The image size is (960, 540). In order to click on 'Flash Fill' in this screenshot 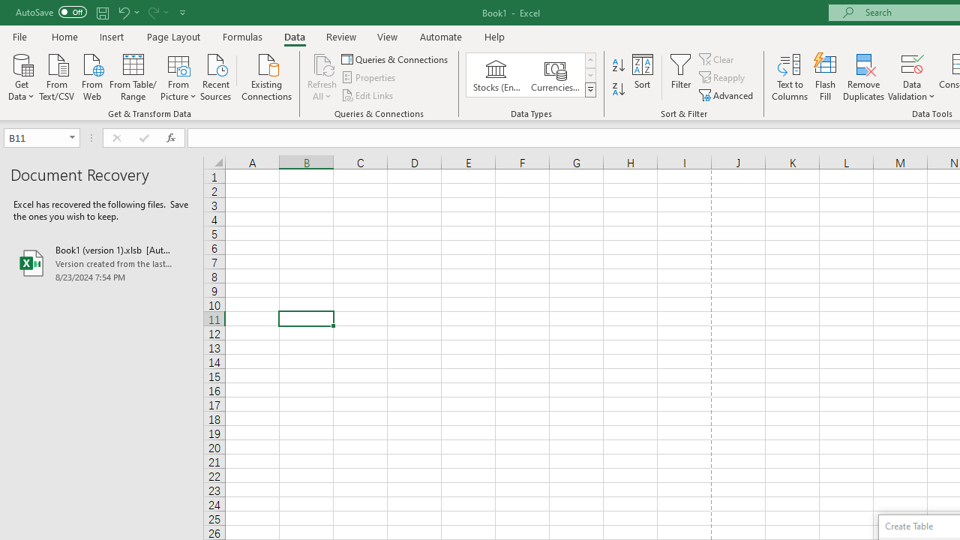, I will do `click(825, 77)`.